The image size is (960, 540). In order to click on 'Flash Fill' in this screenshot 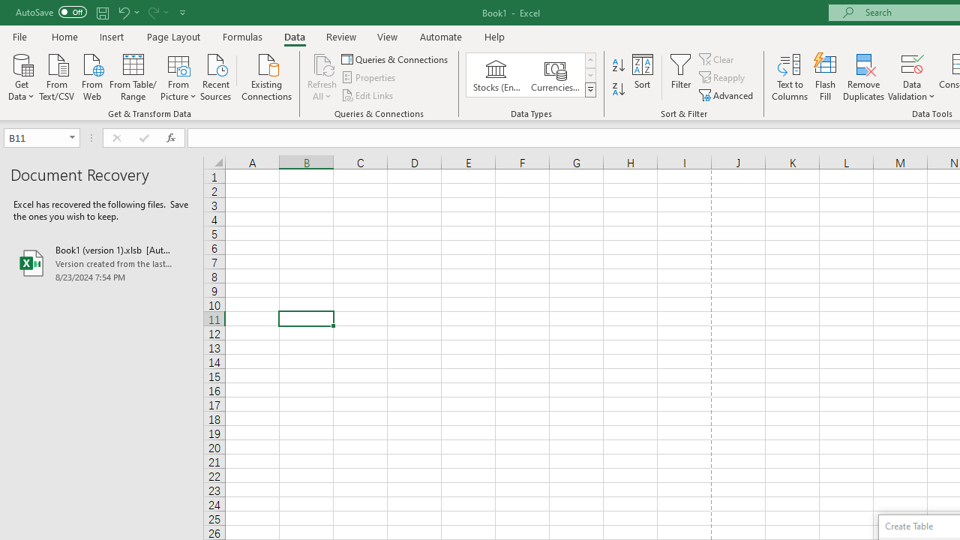, I will do `click(825, 77)`.